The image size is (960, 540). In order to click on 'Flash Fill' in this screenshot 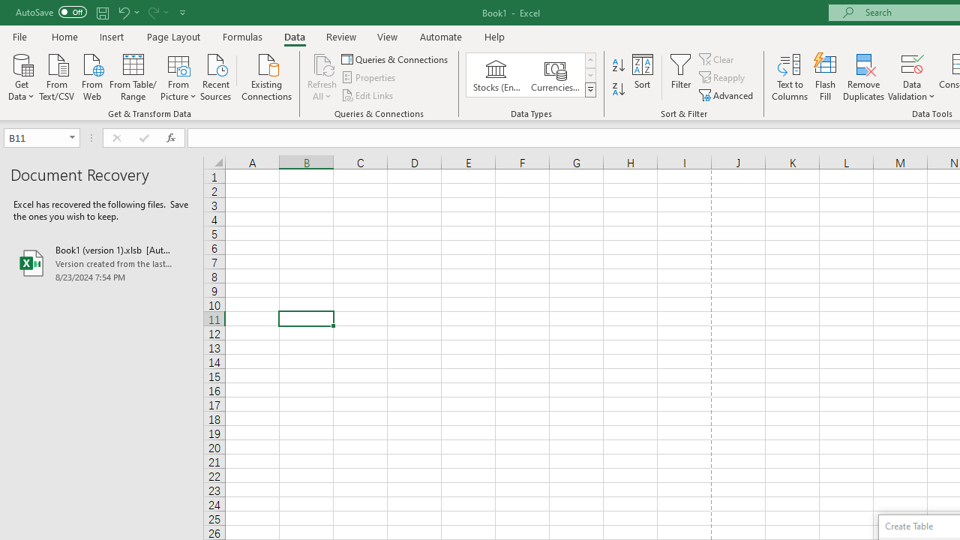, I will do `click(825, 77)`.